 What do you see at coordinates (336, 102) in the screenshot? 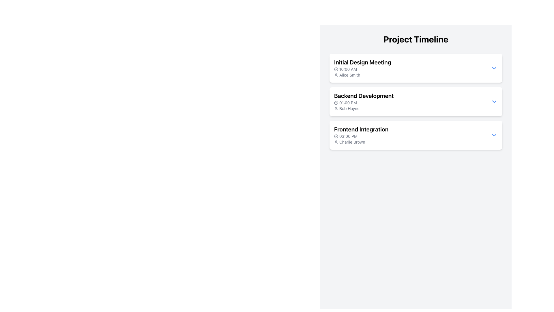
I see `the circular icon with a check mark symbol located to the left of the timestamp '01:00 PM' in the 'Backend Development' section of the vertical timeline` at bounding box center [336, 102].